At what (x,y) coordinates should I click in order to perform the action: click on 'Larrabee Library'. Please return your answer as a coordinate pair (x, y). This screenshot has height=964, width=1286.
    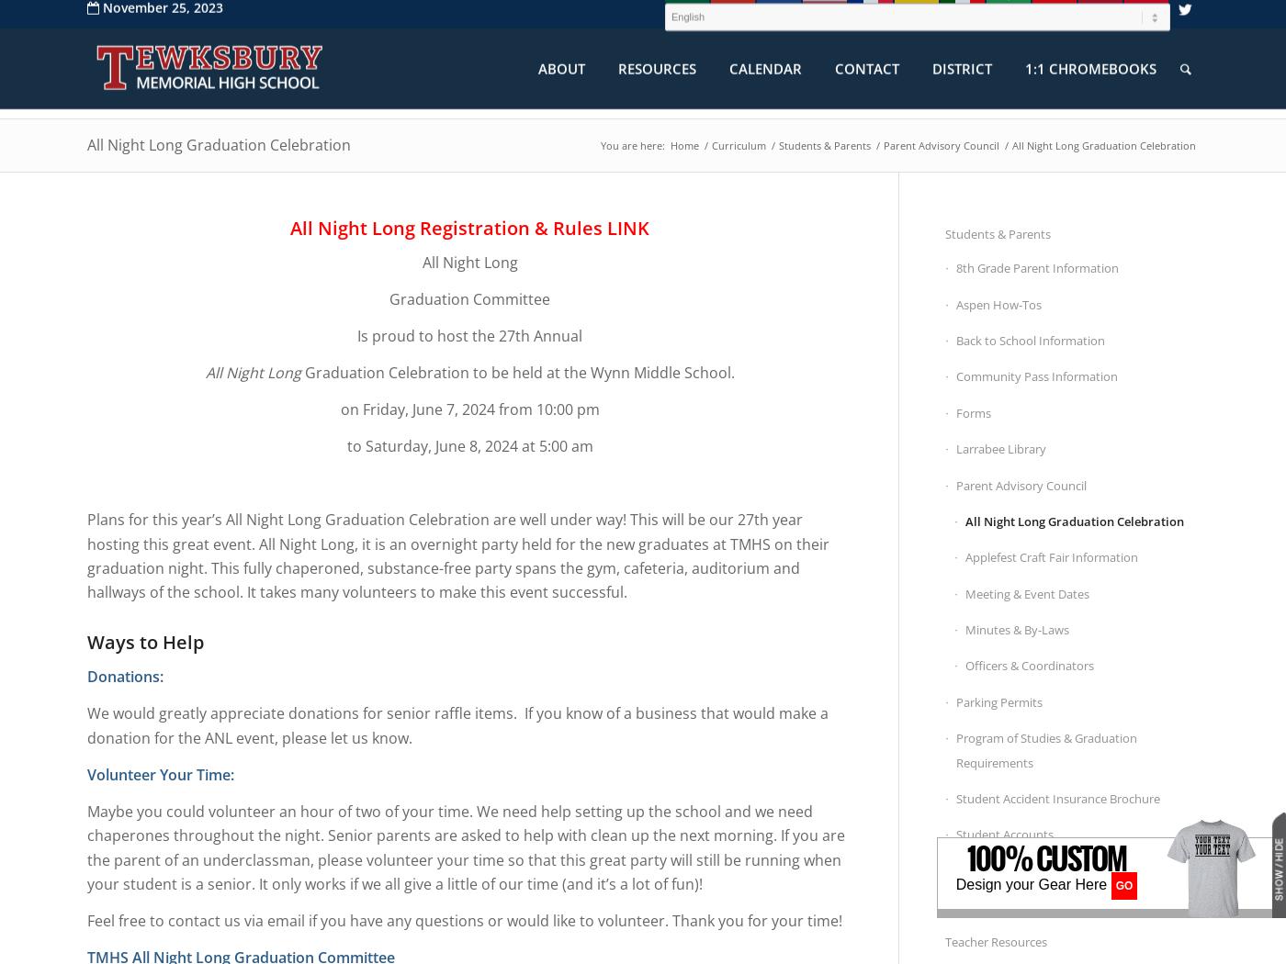
    Looking at the image, I should click on (1001, 448).